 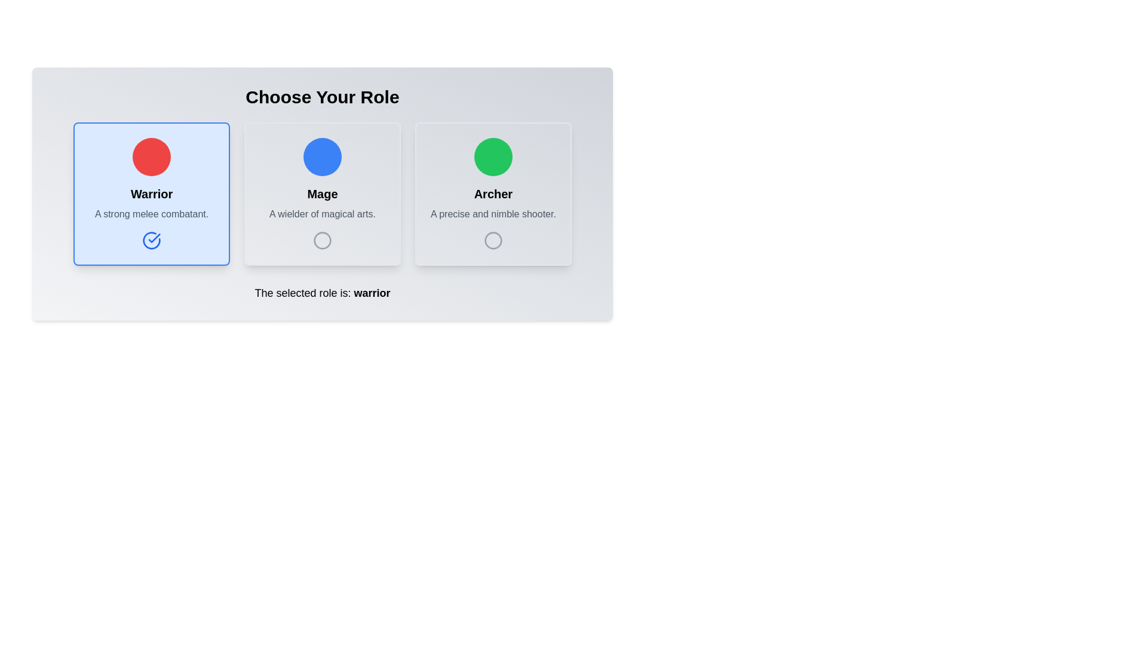 What do you see at coordinates (151, 193) in the screenshot?
I see `the text label displaying 'Warrior' in bold, centered, and large font, which is located within the blue card labeled 'Warrior: A strong melee combatant.'` at bounding box center [151, 193].